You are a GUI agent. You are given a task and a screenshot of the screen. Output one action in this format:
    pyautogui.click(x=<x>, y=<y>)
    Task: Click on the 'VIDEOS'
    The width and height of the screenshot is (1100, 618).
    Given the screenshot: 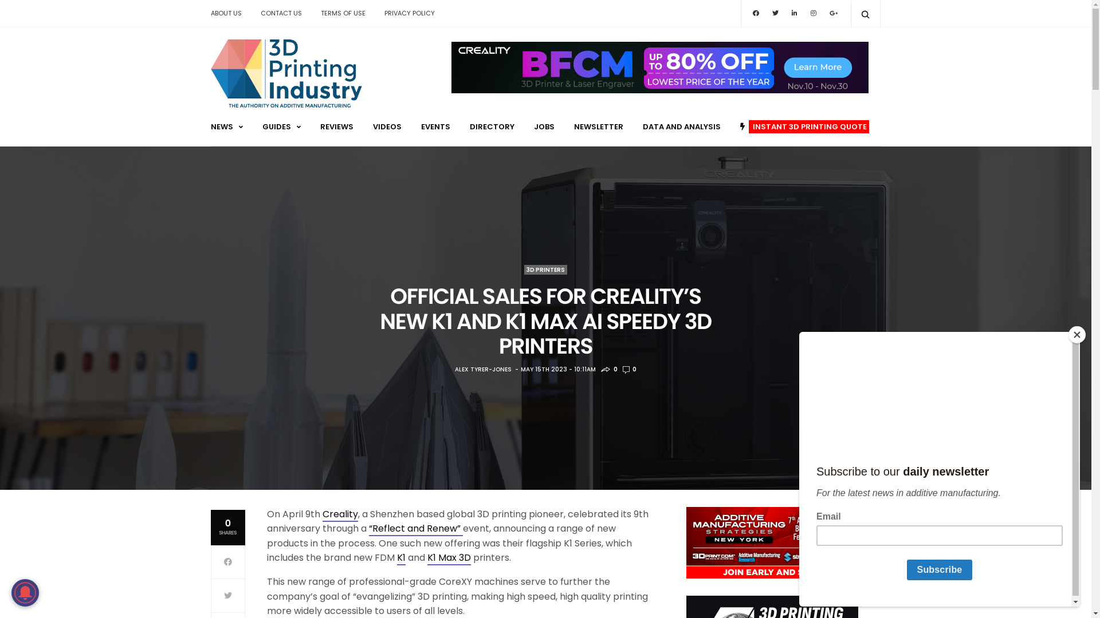 What is the action you would take?
    pyautogui.click(x=387, y=126)
    